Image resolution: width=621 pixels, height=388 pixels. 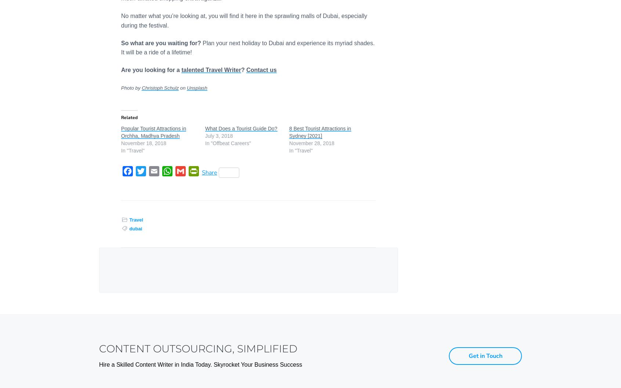 What do you see at coordinates (129, 117) in the screenshot?
I see `'Related'` at bounding box center [129, 117].